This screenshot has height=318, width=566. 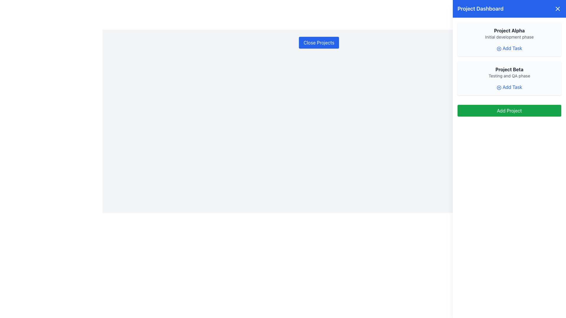 I want to click on the 'Add Task' clickable link/text with icon located below 'Testing and QA phase' in the 'Project Beta' card to underline the text, so click(x=509, y=87).